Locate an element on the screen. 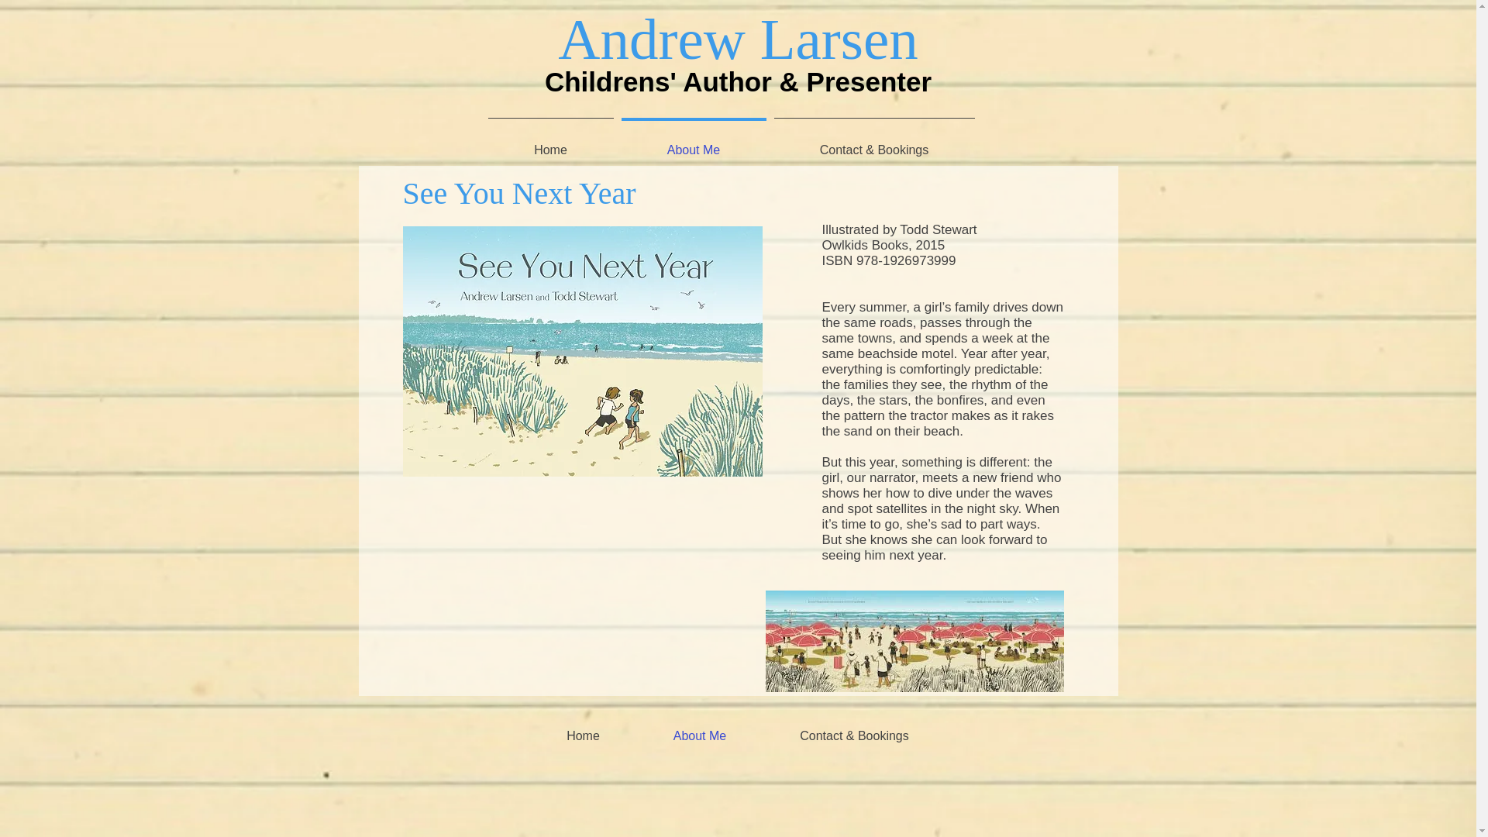 The width and height of the screenshot is (1488, 837). 'About Me' is located at coordinates (699, 735).